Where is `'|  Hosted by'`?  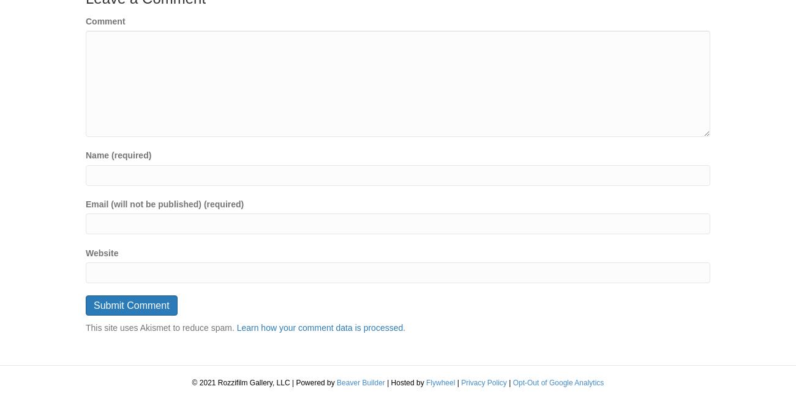
'|  Hosted by' is located at coordinates (404, 382).